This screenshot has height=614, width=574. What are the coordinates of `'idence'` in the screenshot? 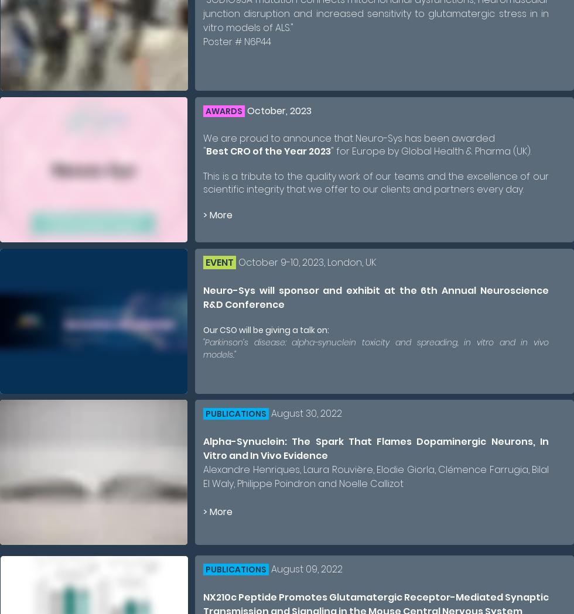 It's located at (310, 455).